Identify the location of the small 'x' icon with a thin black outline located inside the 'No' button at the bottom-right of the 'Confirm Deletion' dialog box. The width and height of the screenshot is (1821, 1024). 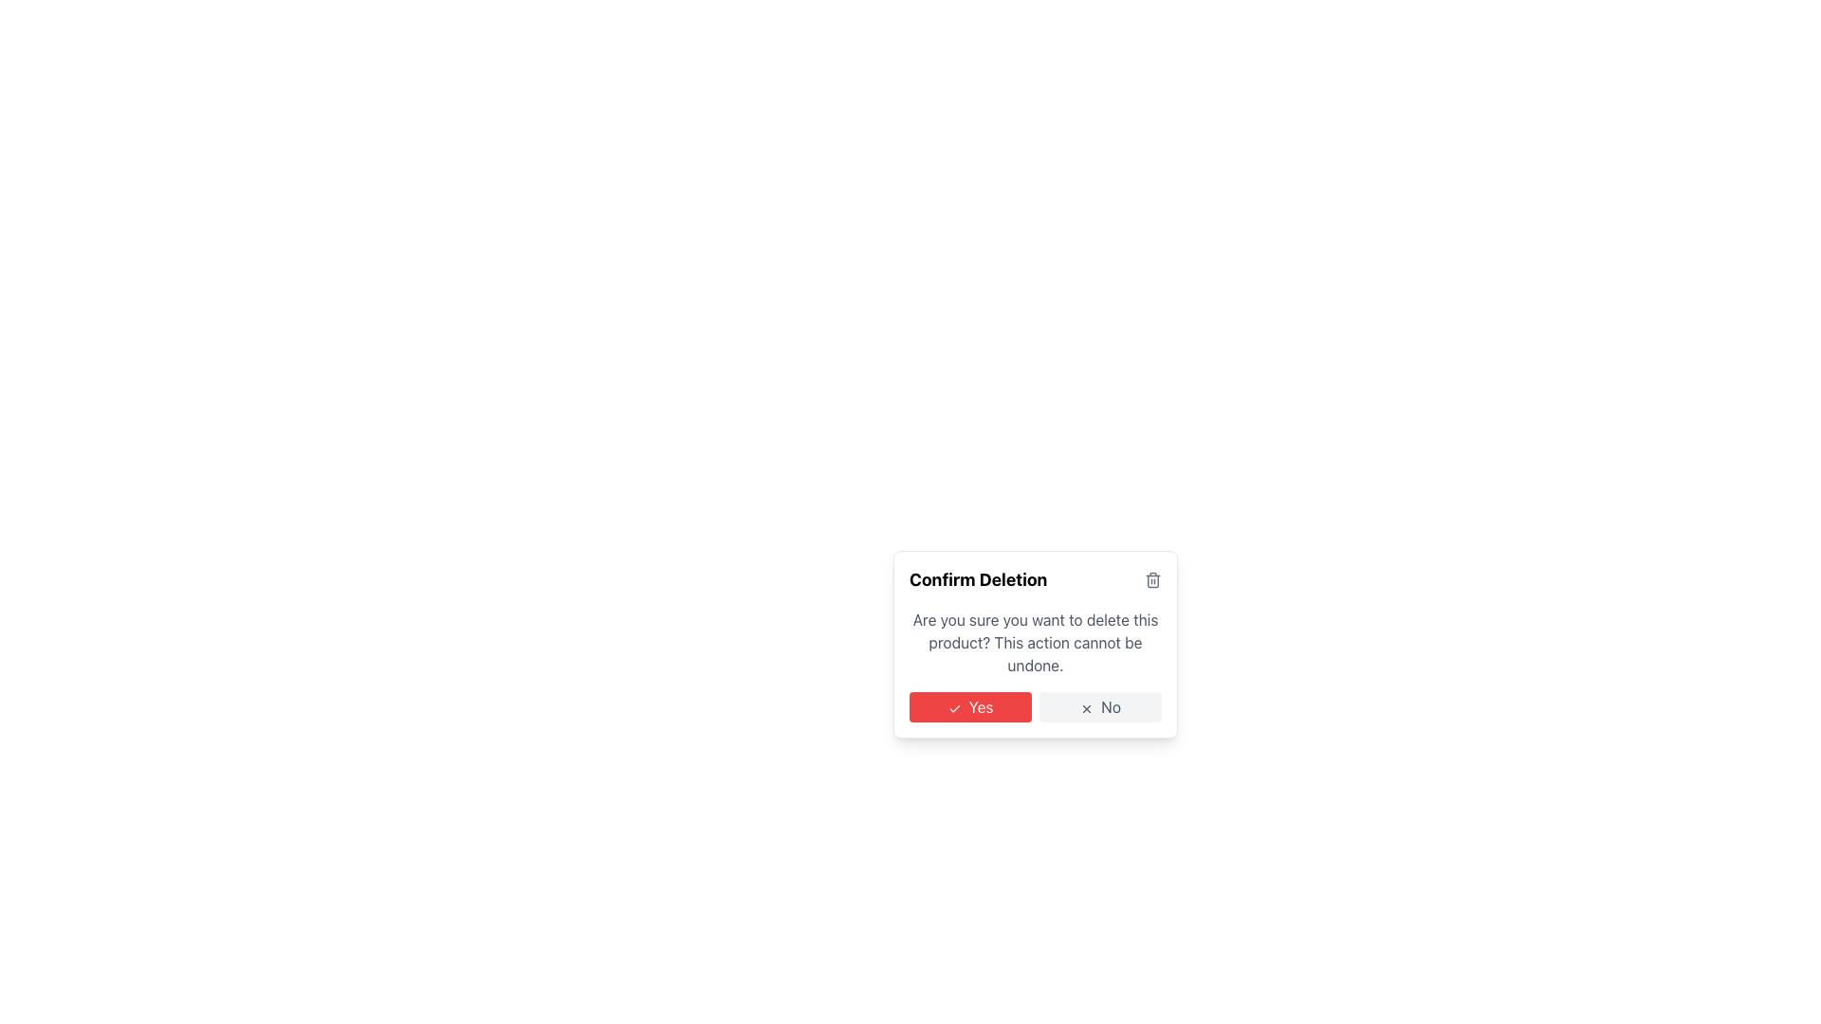
(1087, 708).